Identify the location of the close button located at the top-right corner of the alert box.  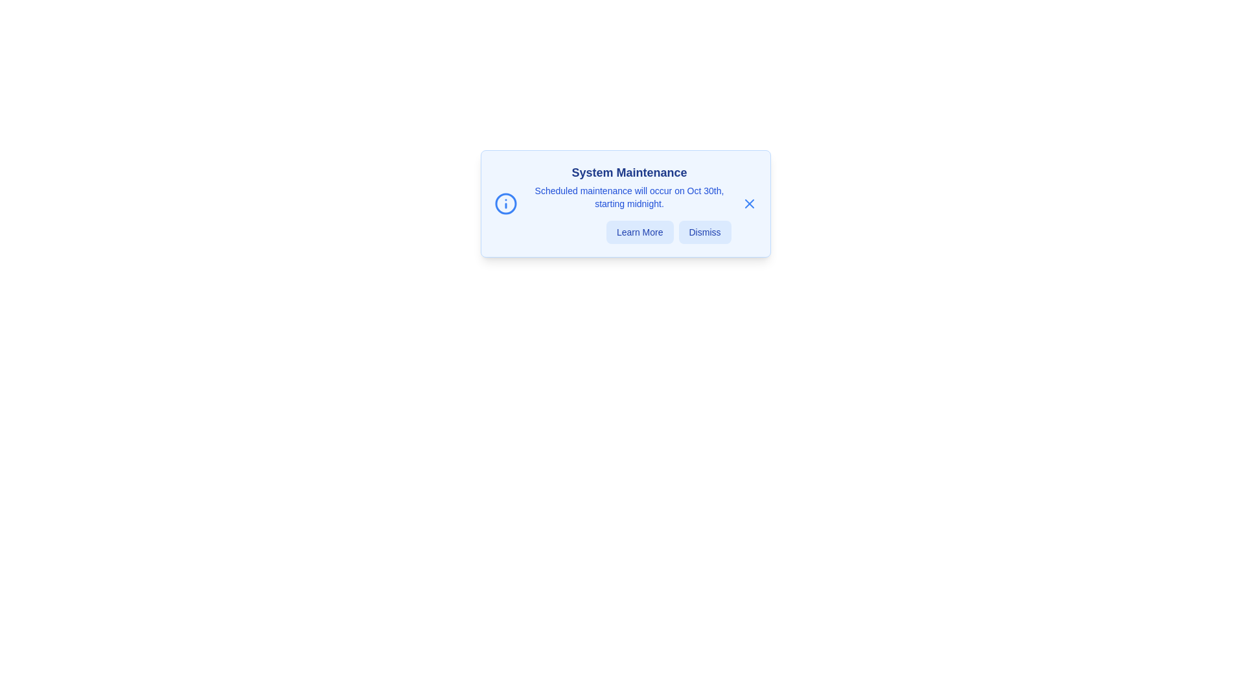
(749, 204).